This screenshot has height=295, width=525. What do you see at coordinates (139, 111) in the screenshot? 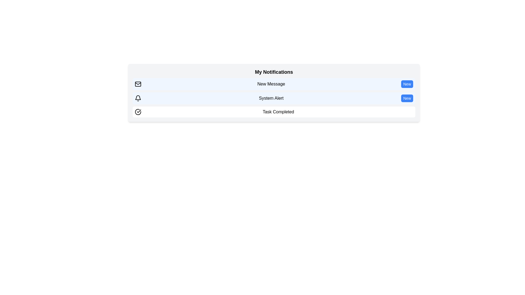
I see `the checkmark icon inside a circle, which indicates a completed task, located at the bottom of the notification list next to 'Task Completed.'` at bounding box center [139, 111].